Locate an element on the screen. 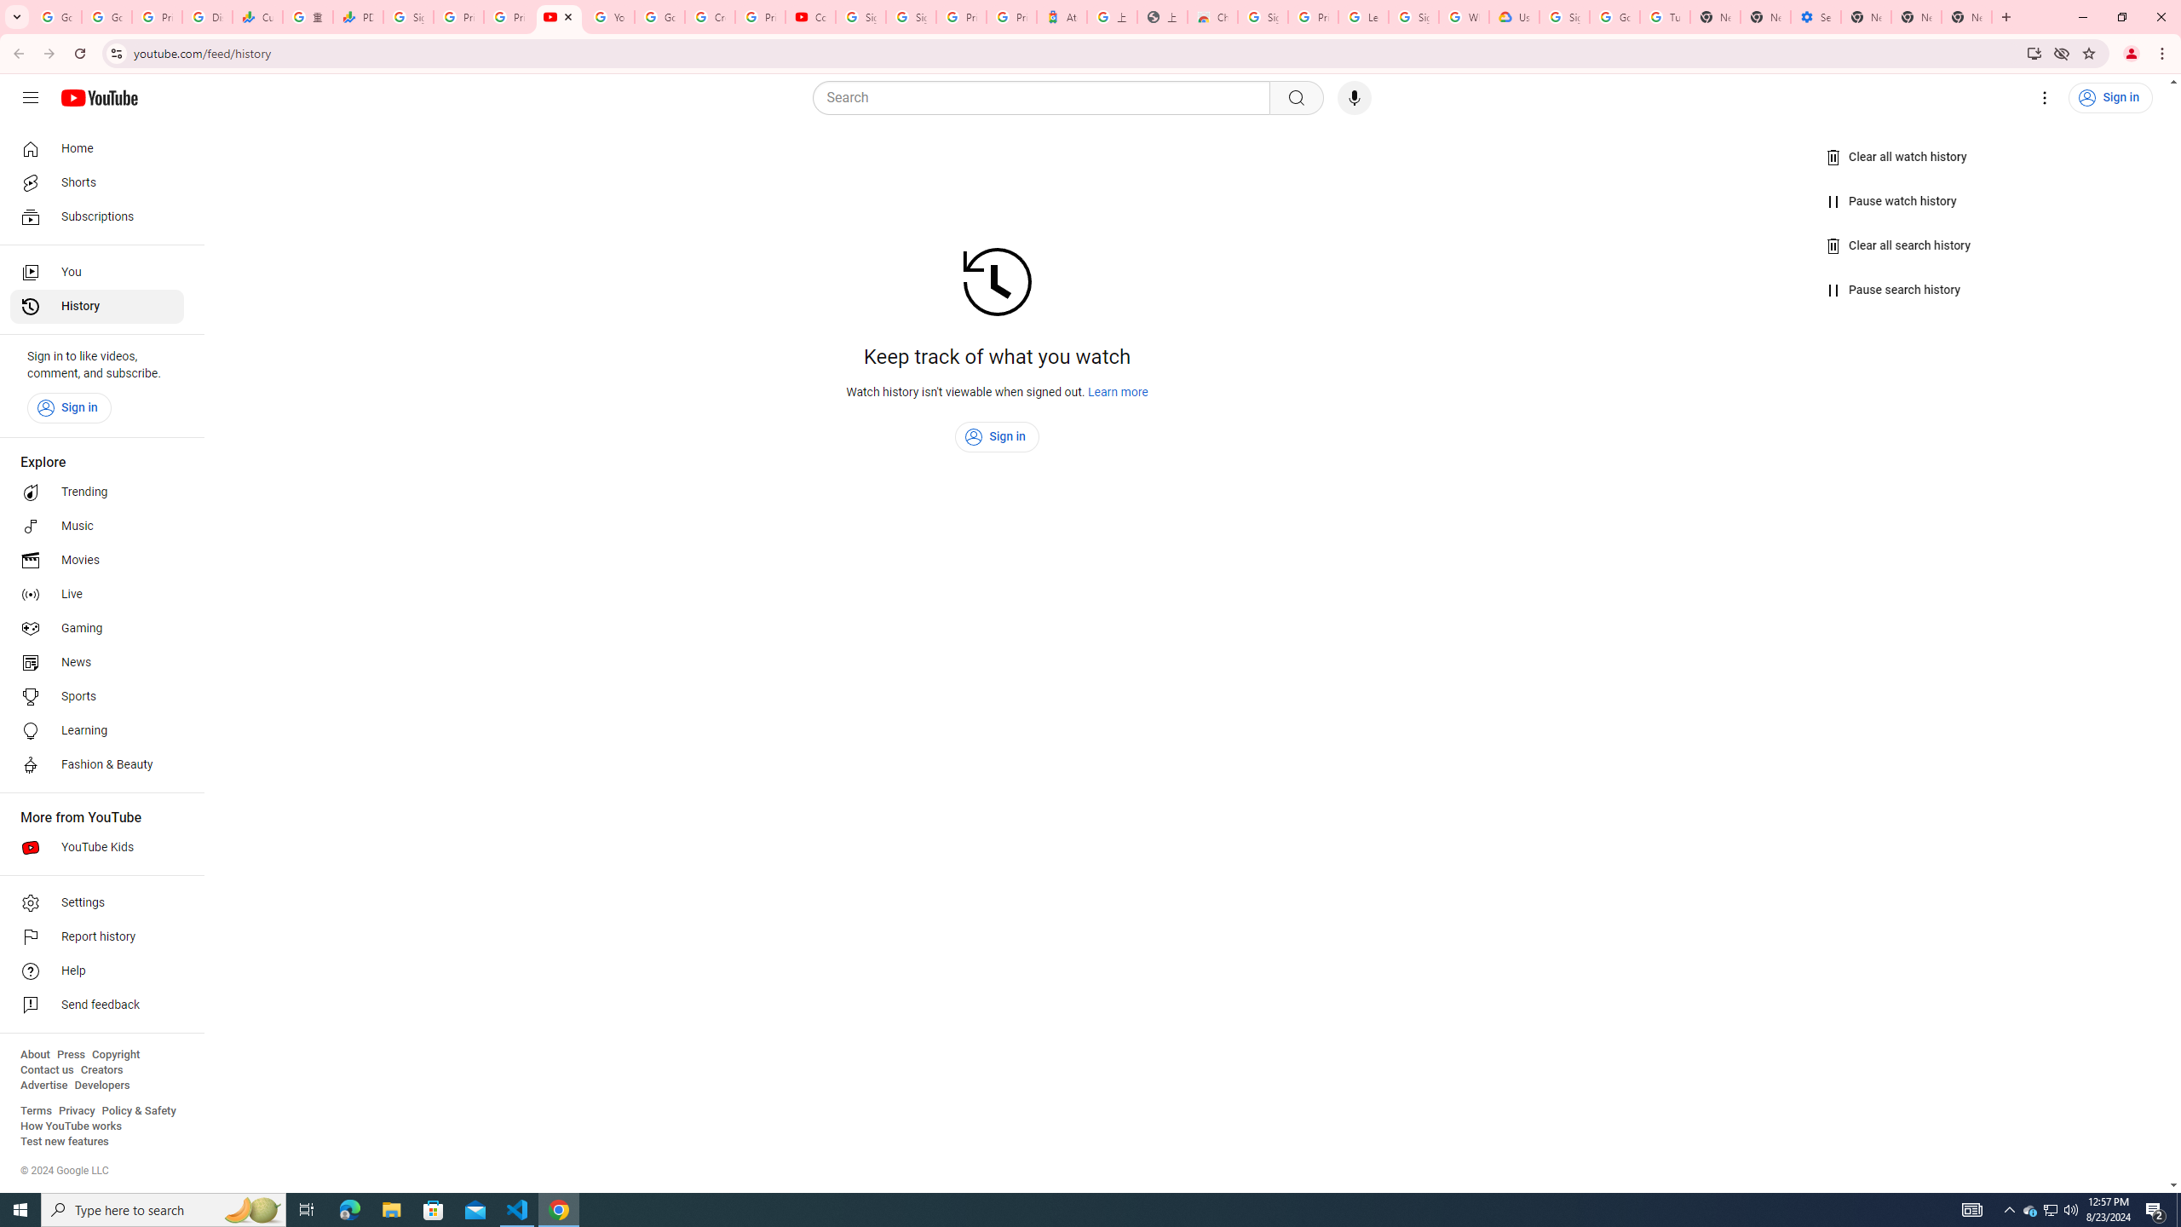  'Who are Google' is located at coordinates (1462, 16).